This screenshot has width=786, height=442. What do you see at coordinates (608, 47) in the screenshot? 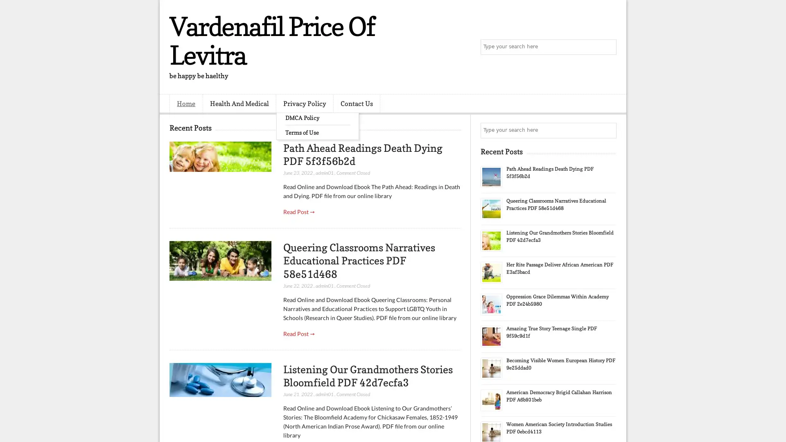
I see `Search` at bounding box center [608, 47].